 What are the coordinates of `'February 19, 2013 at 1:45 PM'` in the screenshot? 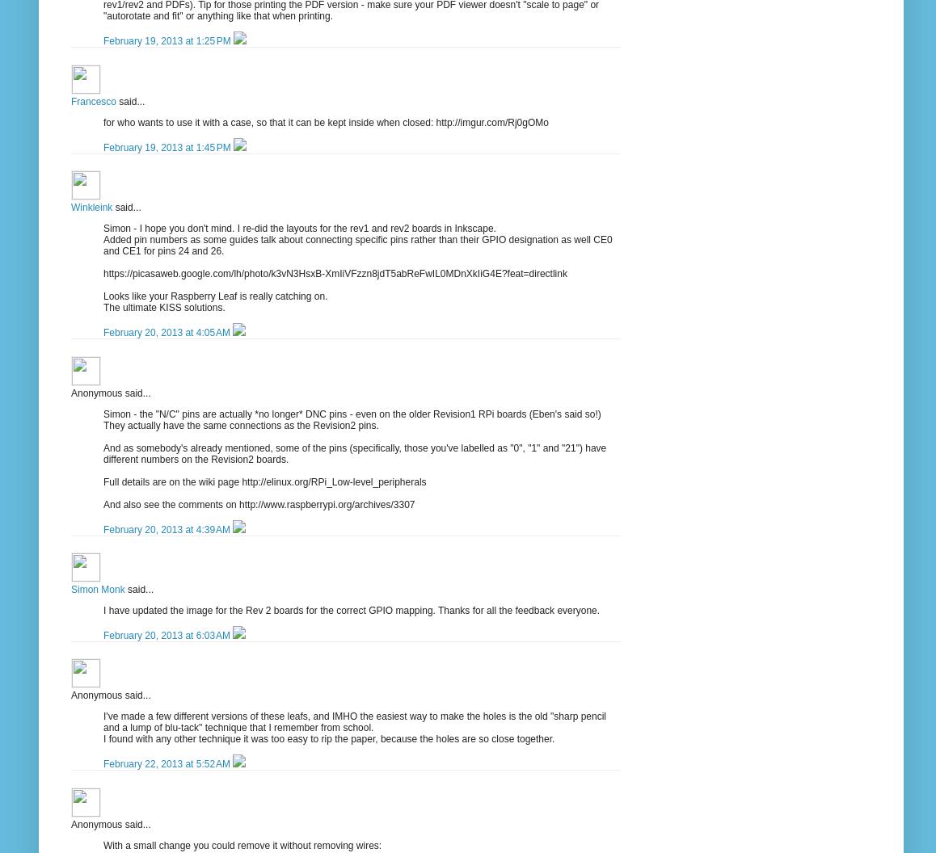 It's located at (168, 146).